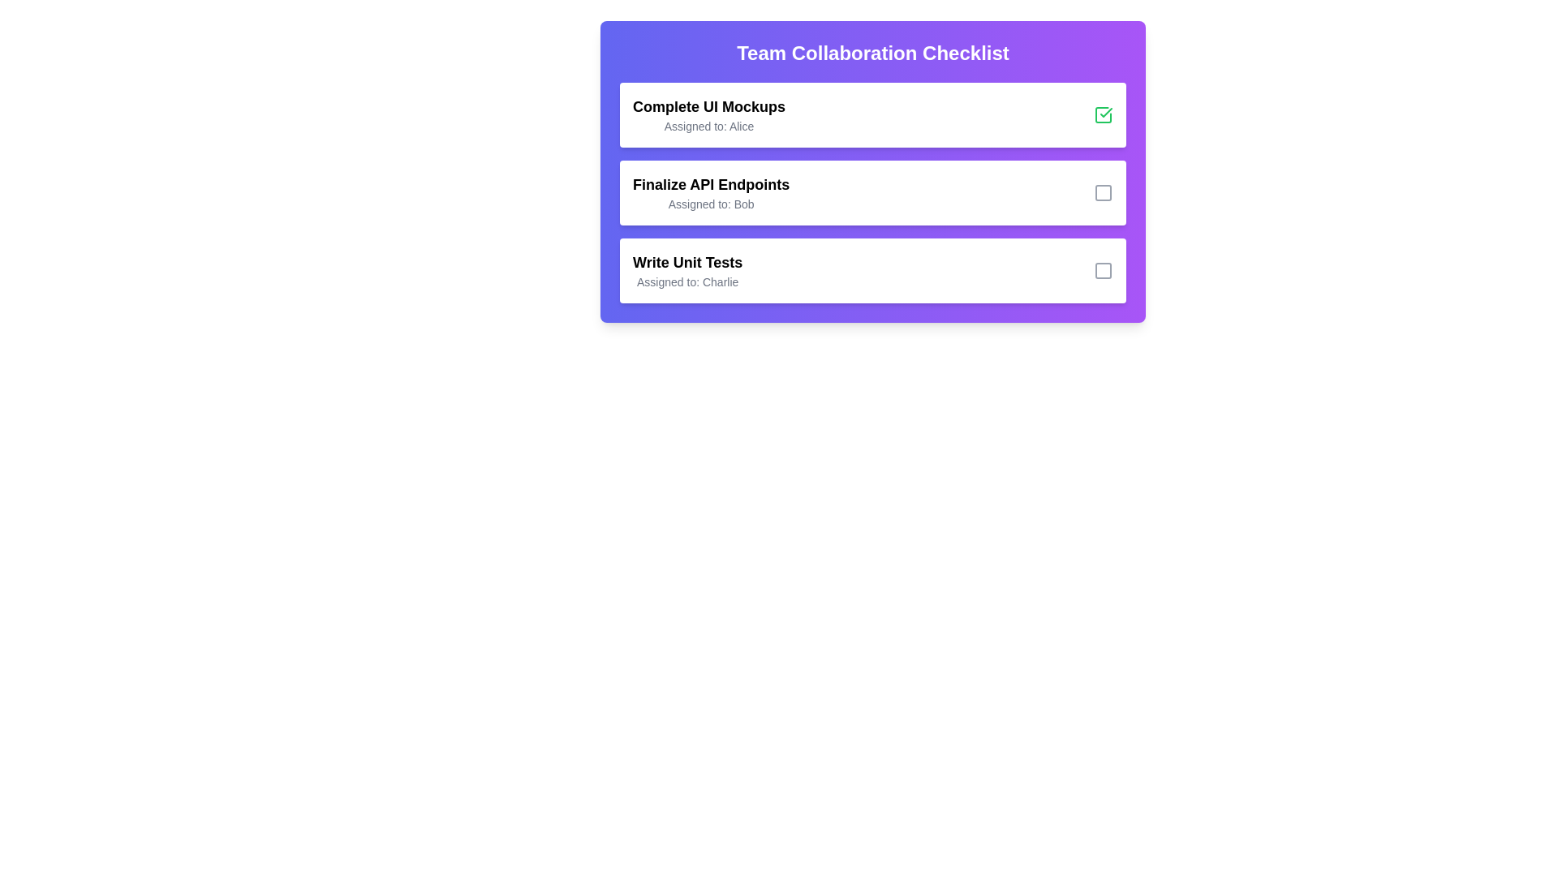 This screenshot has height=876, width=1558. What do you see at coordinates (708, 106) in the screenshot?
I see `the text label reading 'Complete UI Mockups' that is styled in bold and located at the top of the card-like component` at bounding box center [708, 106].